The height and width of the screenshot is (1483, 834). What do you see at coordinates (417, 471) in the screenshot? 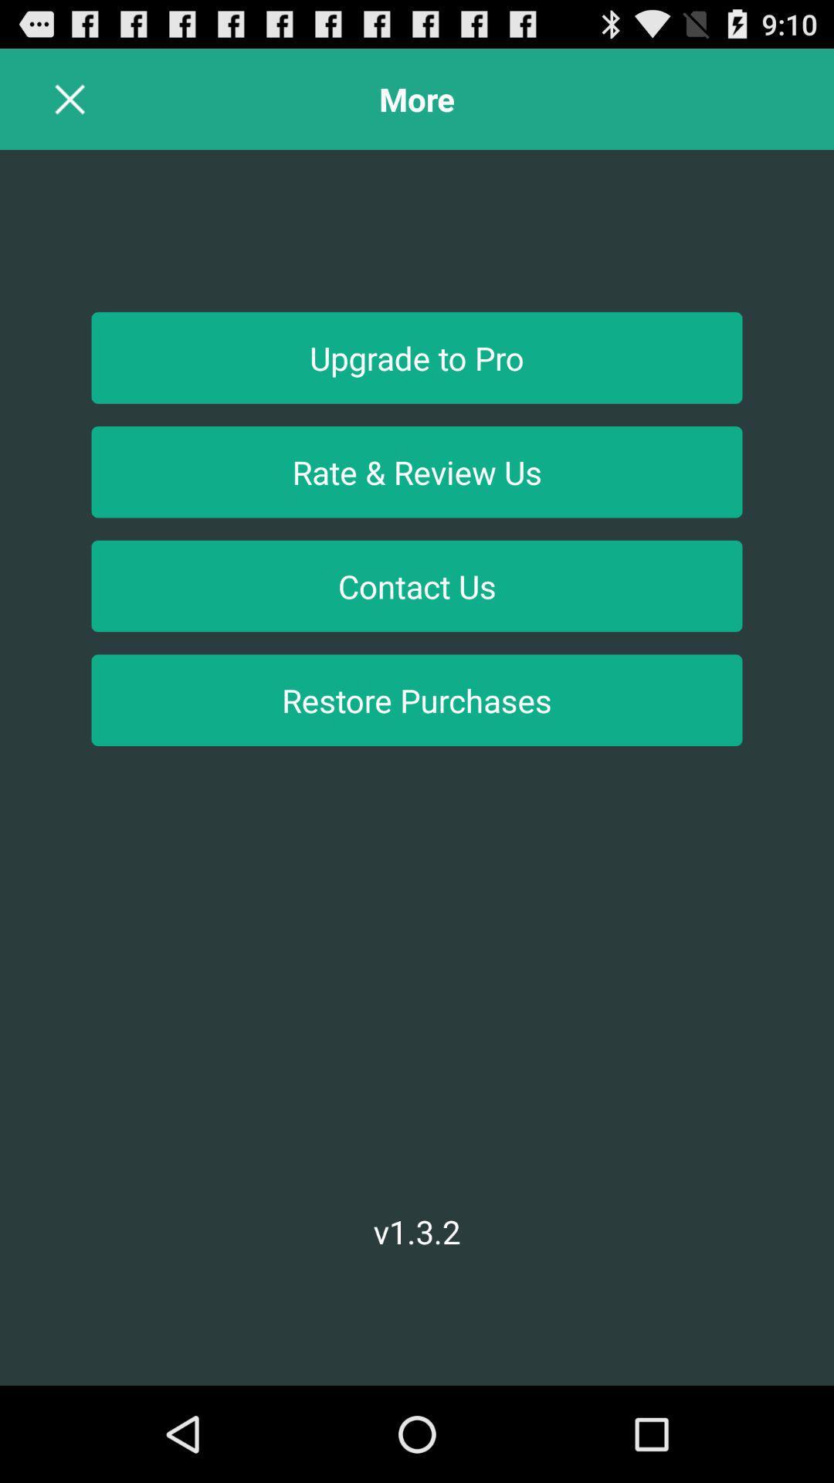
I see `the rate & review us` at bounding box center [417, 471].